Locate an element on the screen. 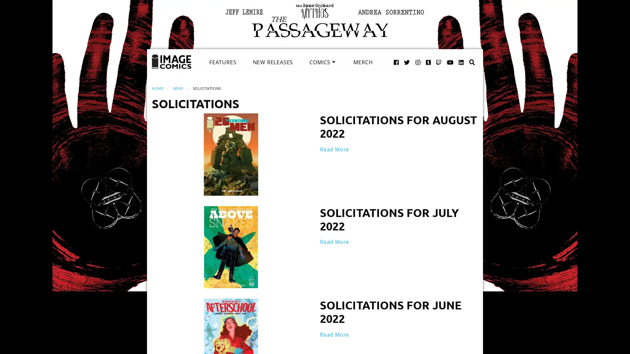 The height and width of the screenshot is (354, 630). Search is located at coordinates (465, 55).